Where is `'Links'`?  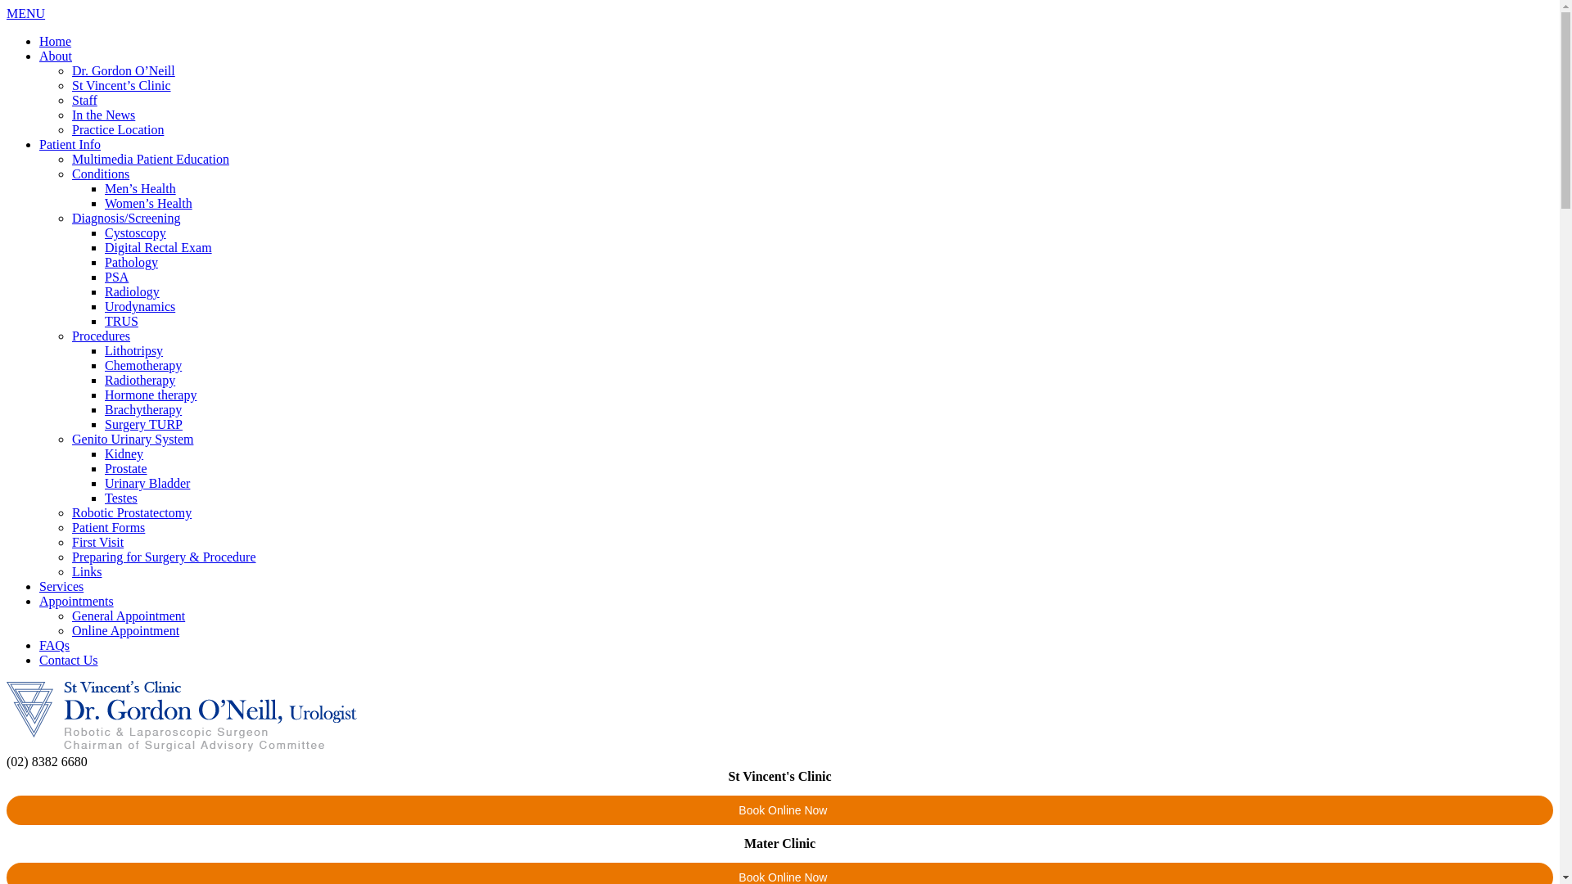
'Links' is located at coordinates (85, 571).